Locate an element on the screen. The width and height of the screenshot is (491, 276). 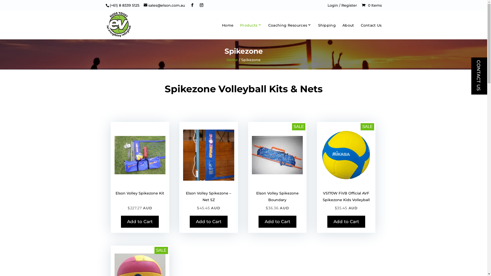
'Home' is located at coordinates (232, 60).